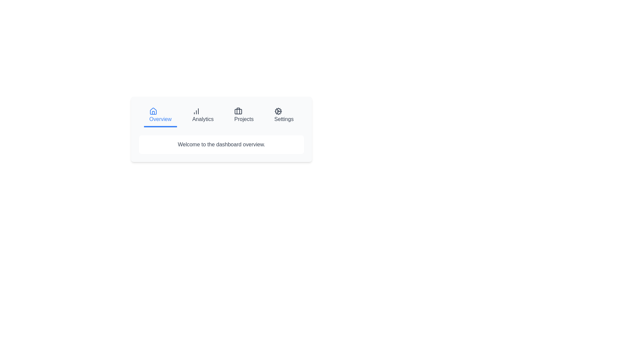  What do you see at coordinates (284, 115) in the screenshot?
I see `the tab labeled Settings to reveal tooltip information` at bounding box center [284, 115].